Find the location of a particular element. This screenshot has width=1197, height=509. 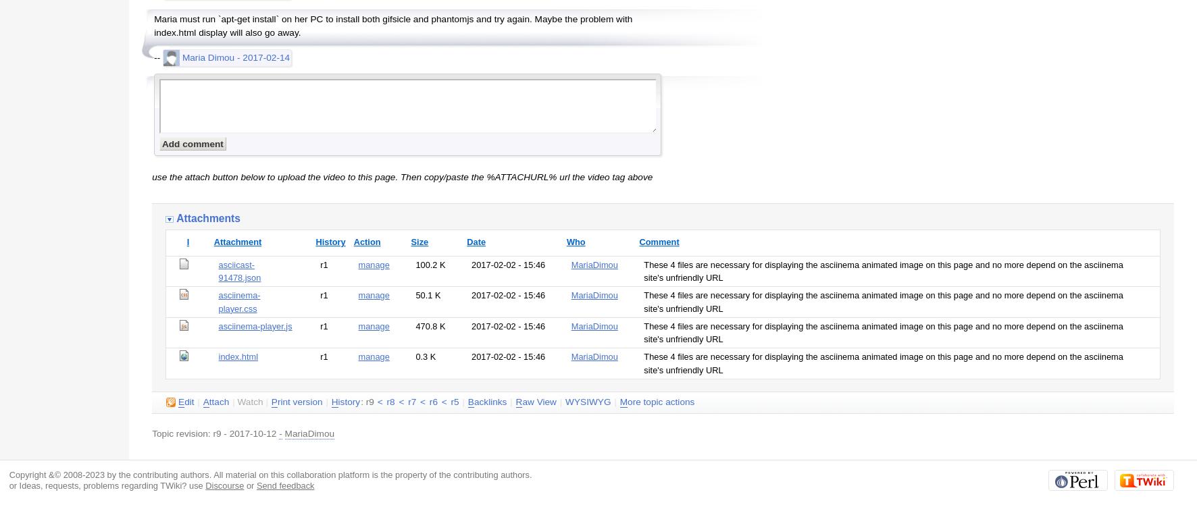

'acklinks' is located at coordinates (489, 401).